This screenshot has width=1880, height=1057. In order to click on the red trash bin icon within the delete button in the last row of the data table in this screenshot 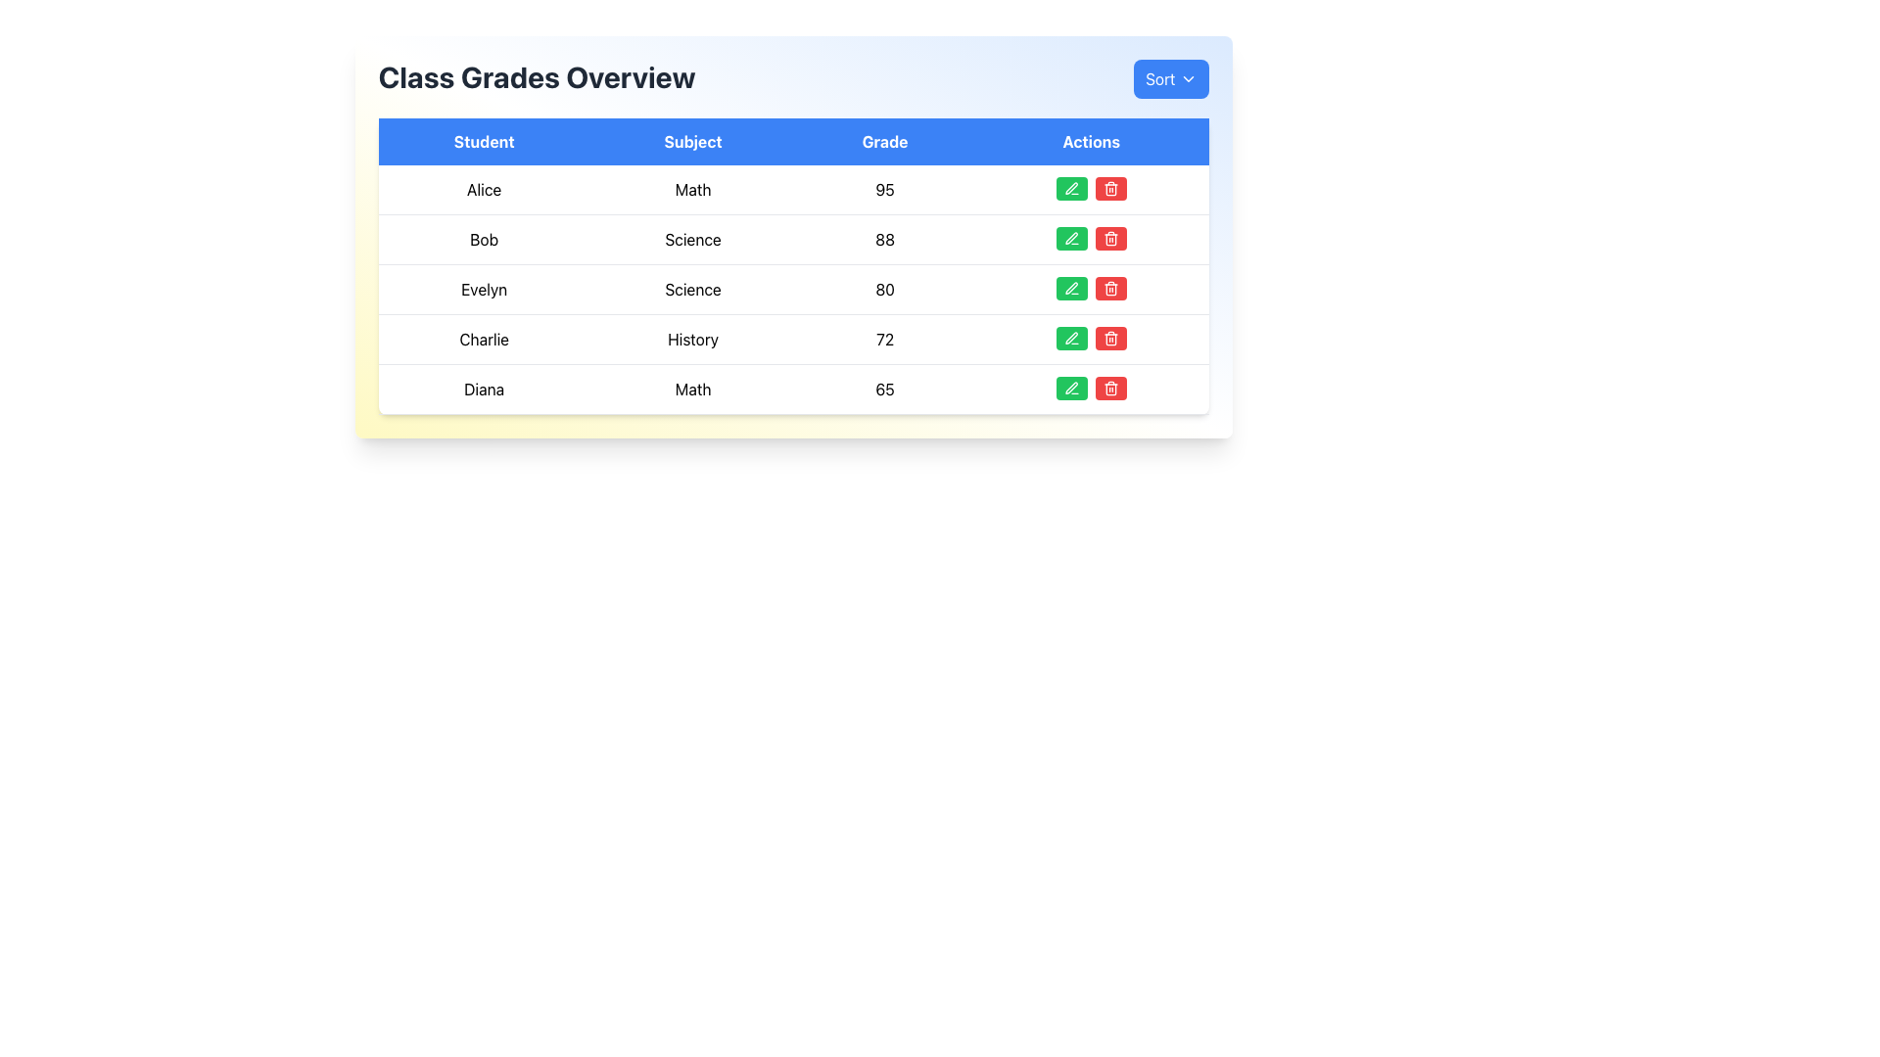, I will do `click(1110, 389)`.